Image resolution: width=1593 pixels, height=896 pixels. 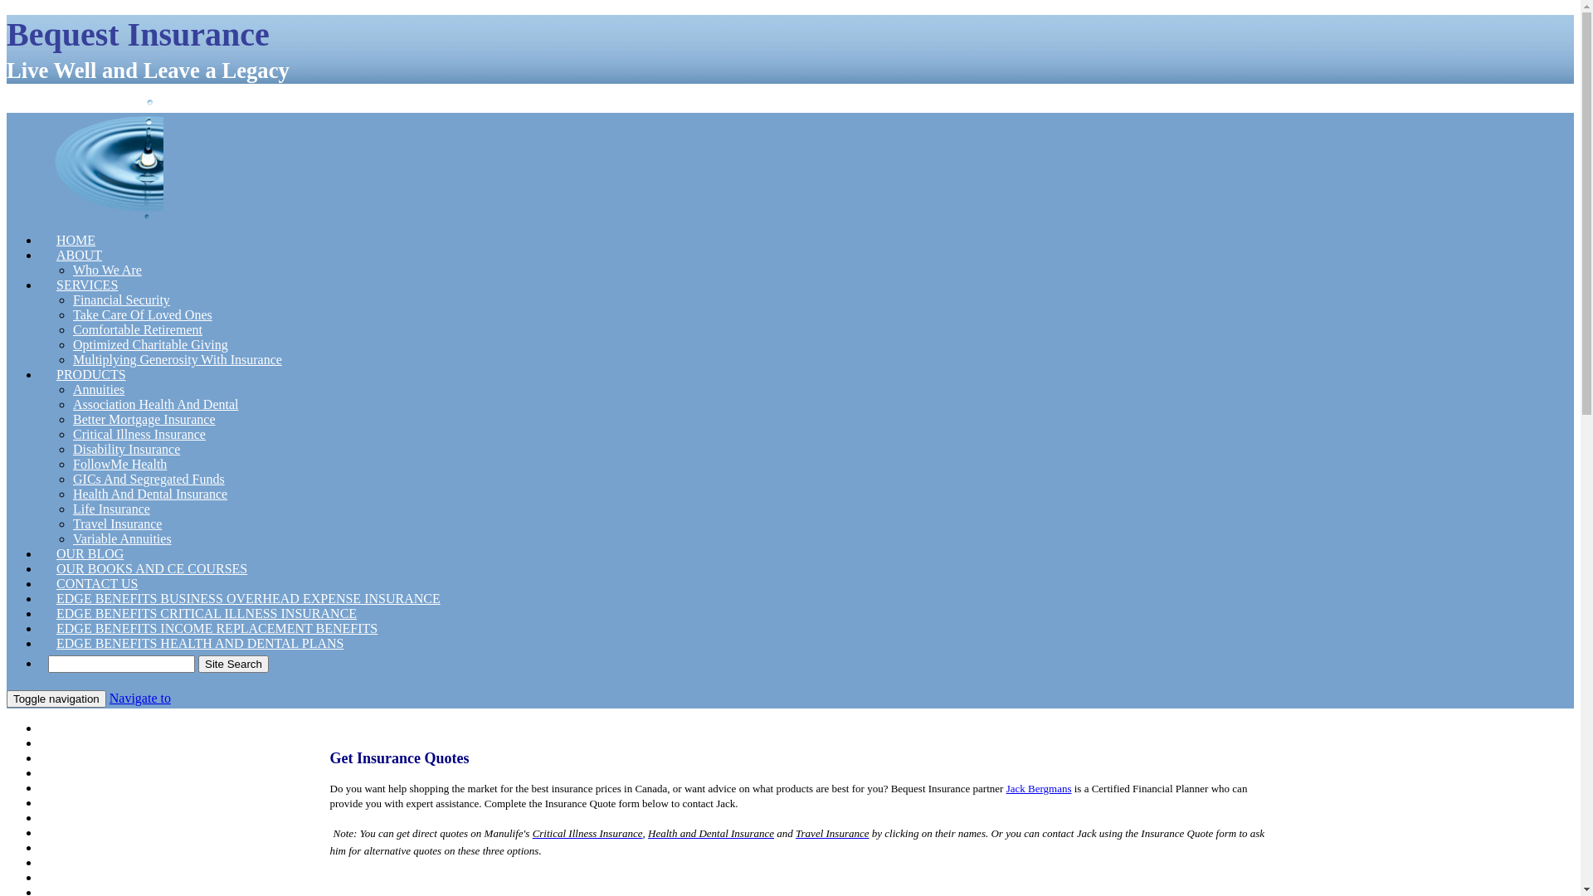 What do you see at coordinates (178, 358) in the screenshot?
I see `'Multiplying Generosity With Insurance'` at bounding box center [178, 358].